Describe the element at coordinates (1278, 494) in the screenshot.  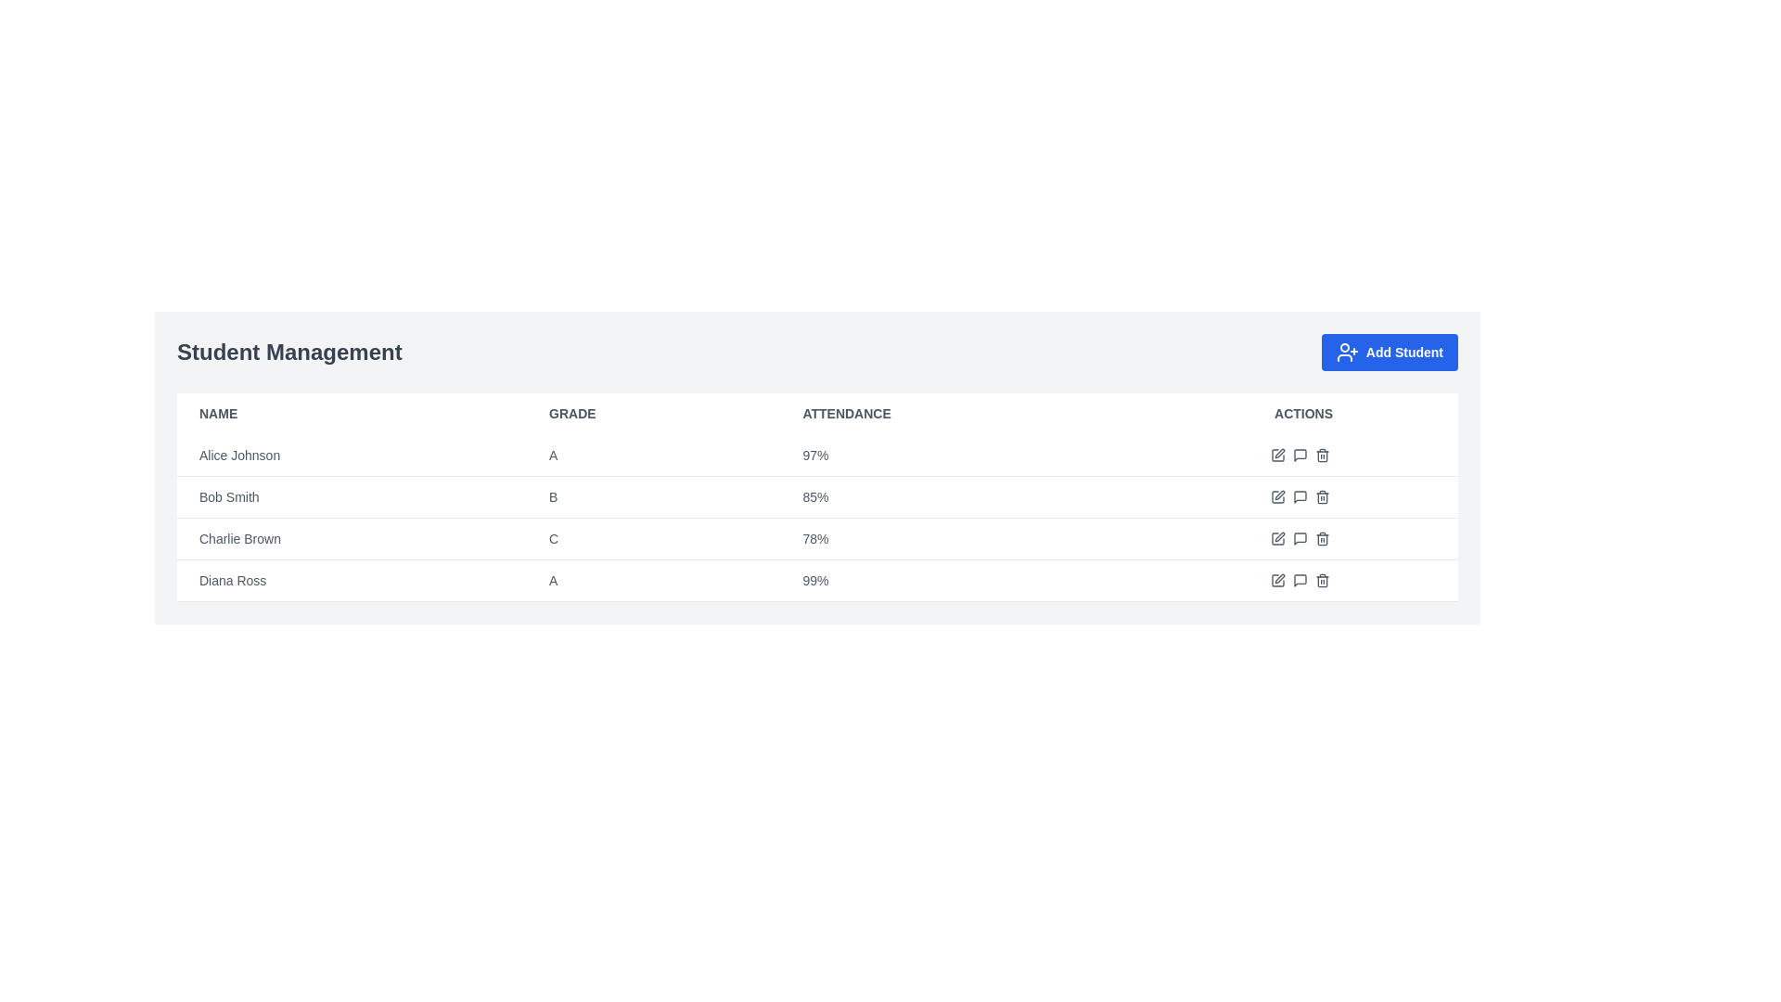
I see `the edit icon button resembling a pen in the Actions column for the entry labeled 'Bob Smith' to initiate editing the row` at that location.